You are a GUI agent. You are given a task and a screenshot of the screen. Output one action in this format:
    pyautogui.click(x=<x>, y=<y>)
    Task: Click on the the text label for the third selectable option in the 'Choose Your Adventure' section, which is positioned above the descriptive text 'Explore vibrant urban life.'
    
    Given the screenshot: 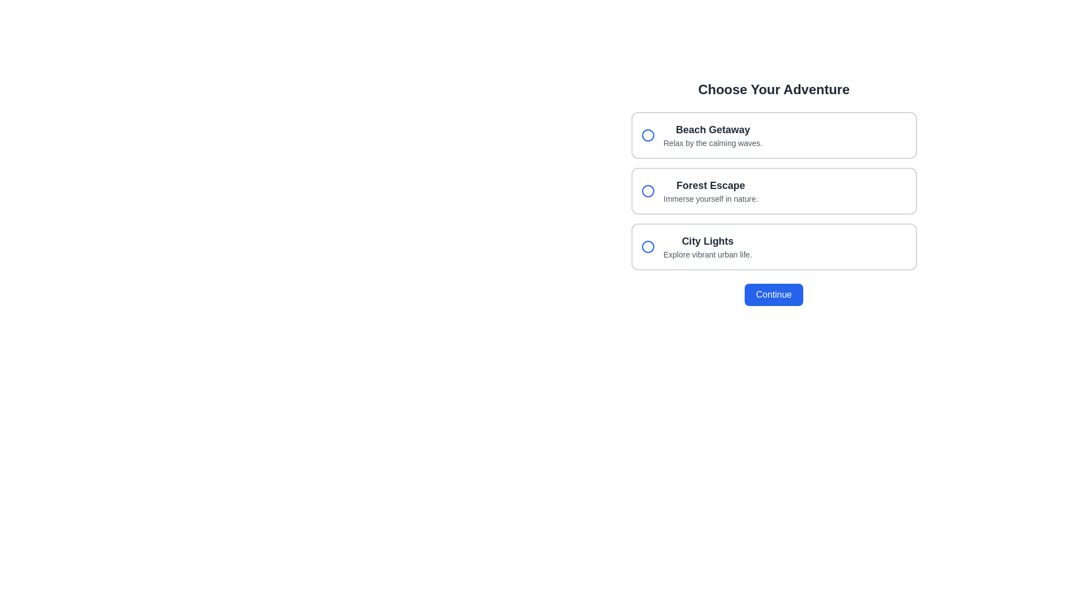 What is the action you would take?
    pyautogui.click(x=707, y=240)
    